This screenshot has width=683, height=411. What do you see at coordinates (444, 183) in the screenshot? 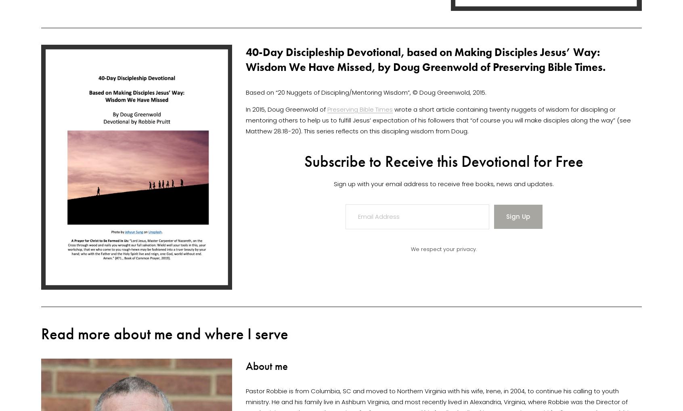
I see `'Sign up with your email address to receive free books, news and updates.'` at bounding box center [444, 183].